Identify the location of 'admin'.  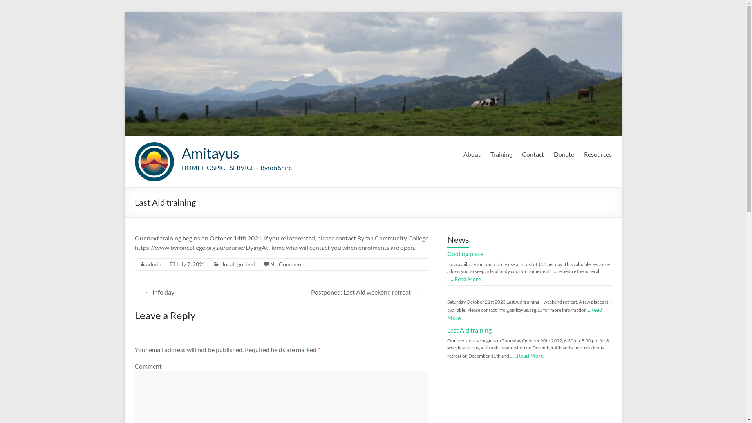
(146, 264).